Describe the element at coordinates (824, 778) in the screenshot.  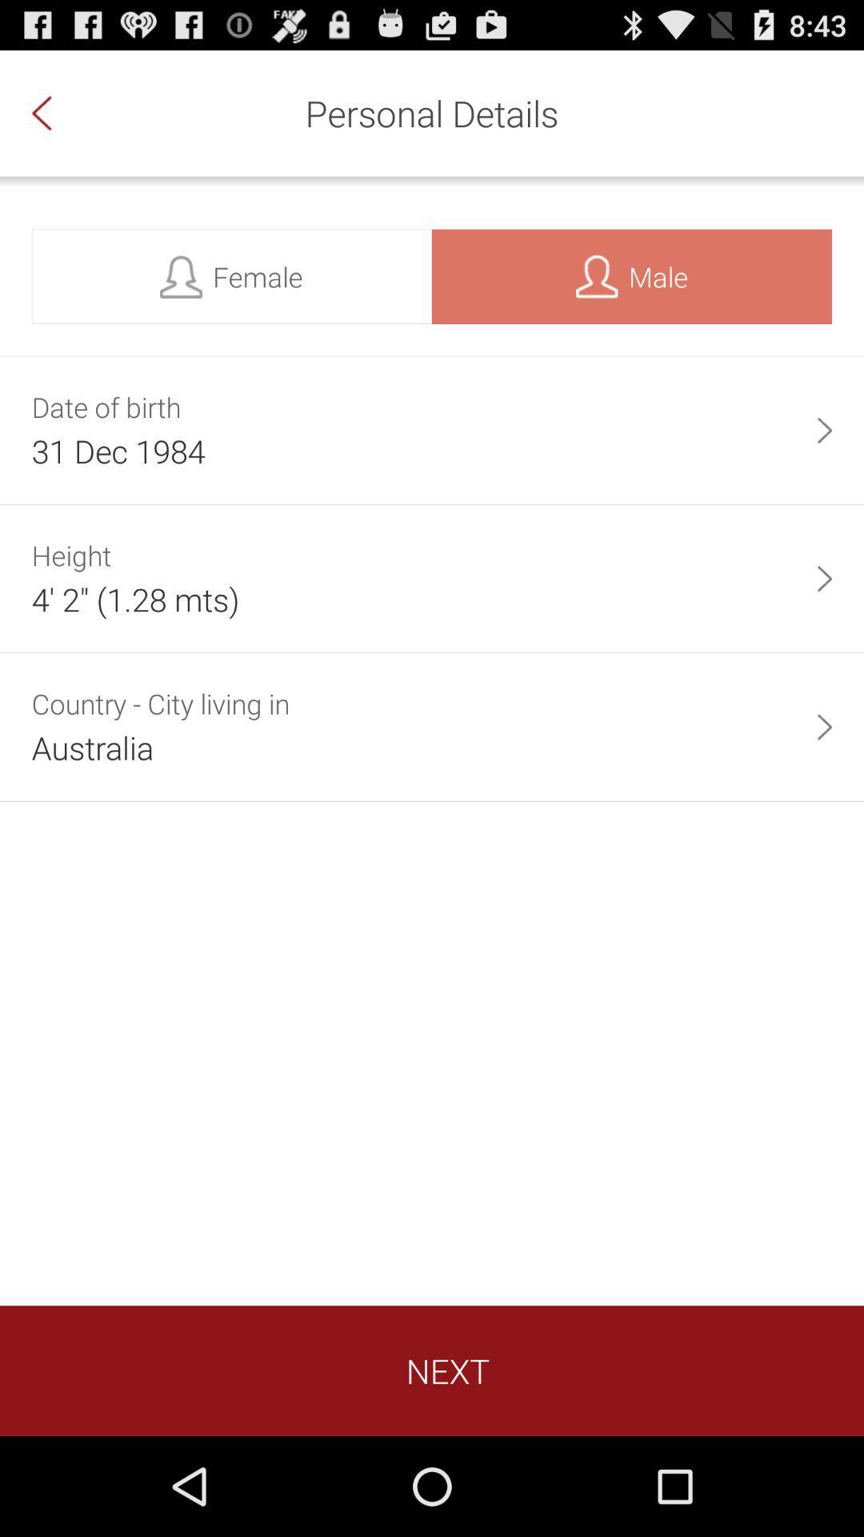
I see `the play icon` at that location.